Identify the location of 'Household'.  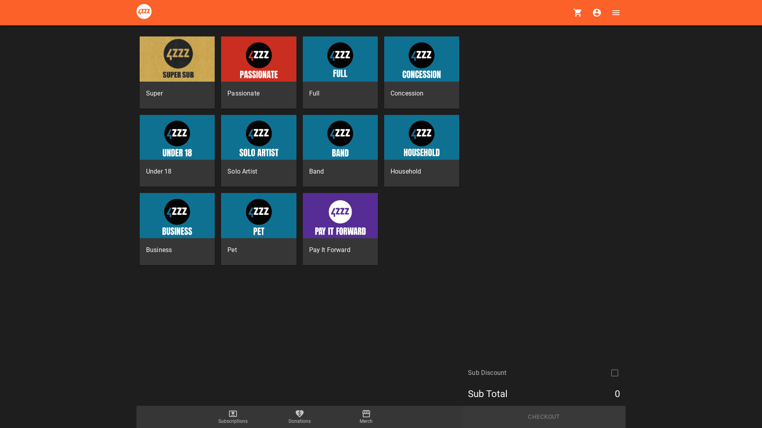
(421, 151).